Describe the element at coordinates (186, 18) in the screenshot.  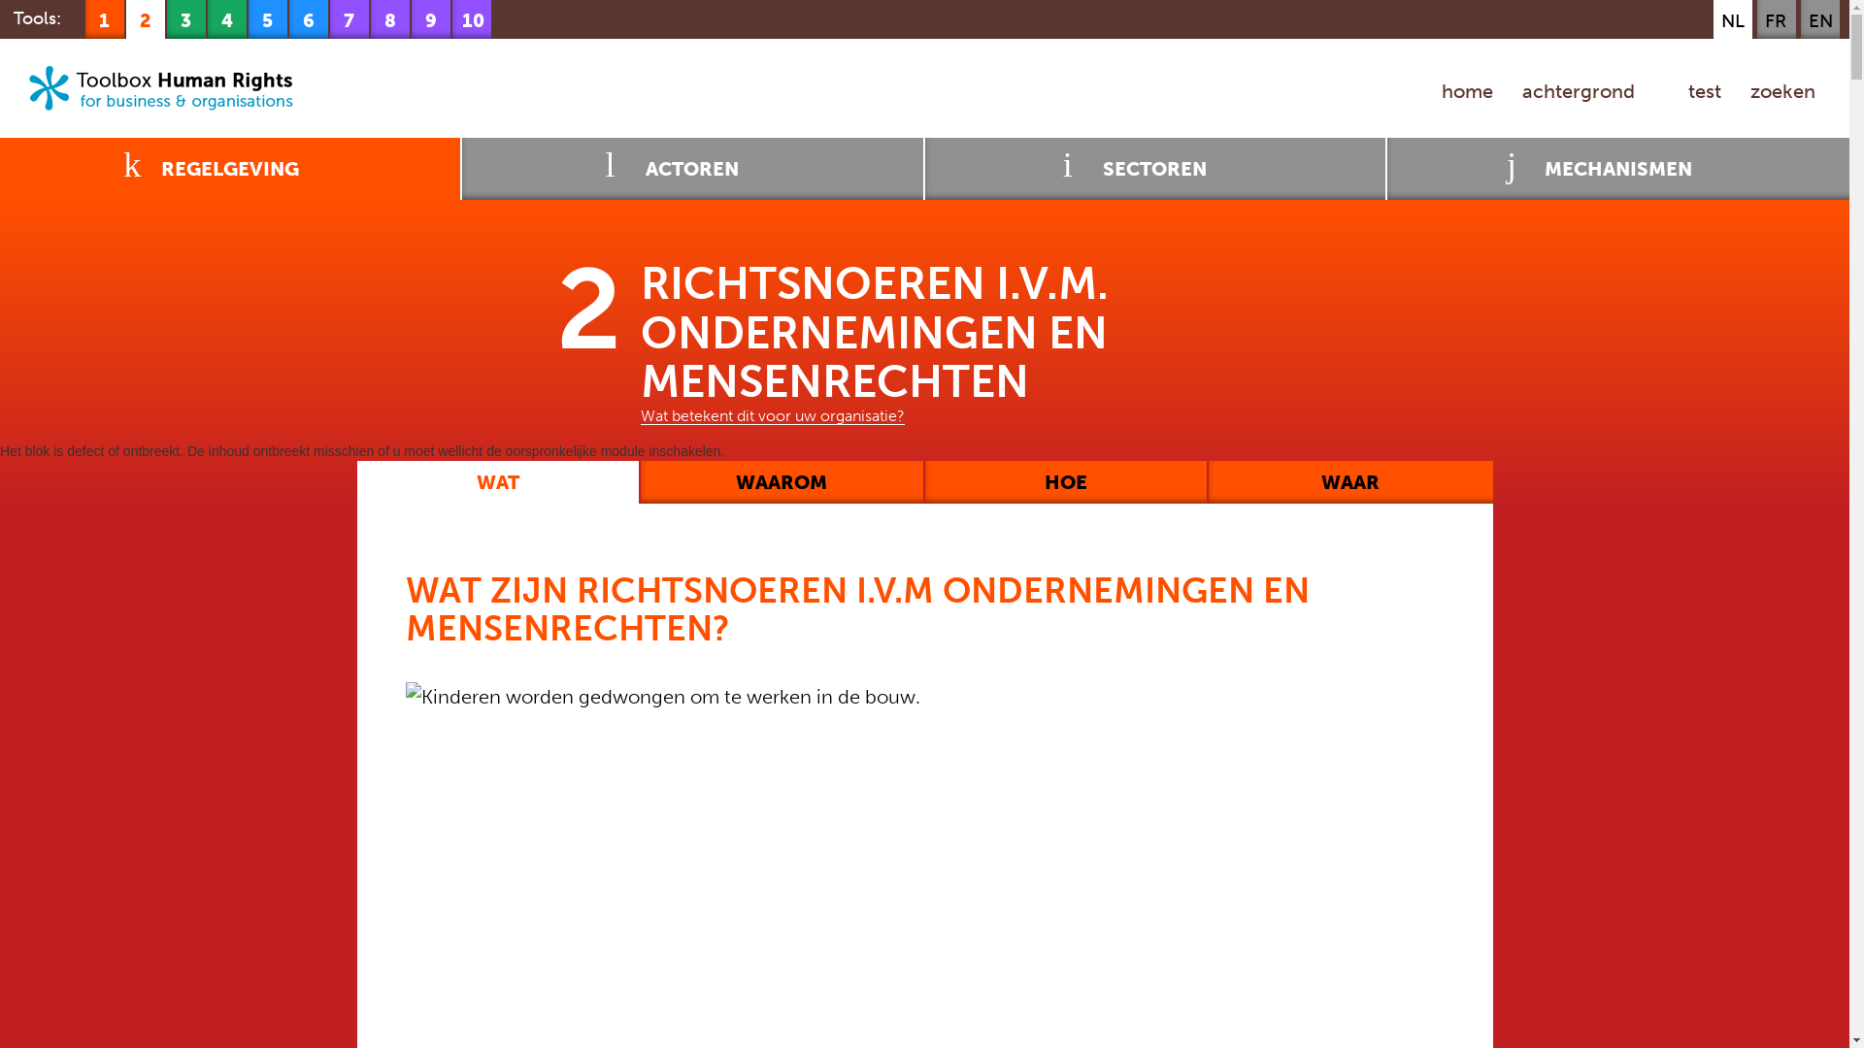
I see `'Organisaties als plichtdragers inzake mensenrechten'` at that location.